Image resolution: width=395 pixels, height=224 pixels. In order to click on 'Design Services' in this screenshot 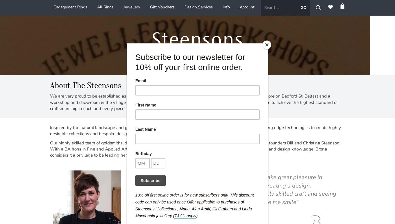, I will do `click(184, 7)`.